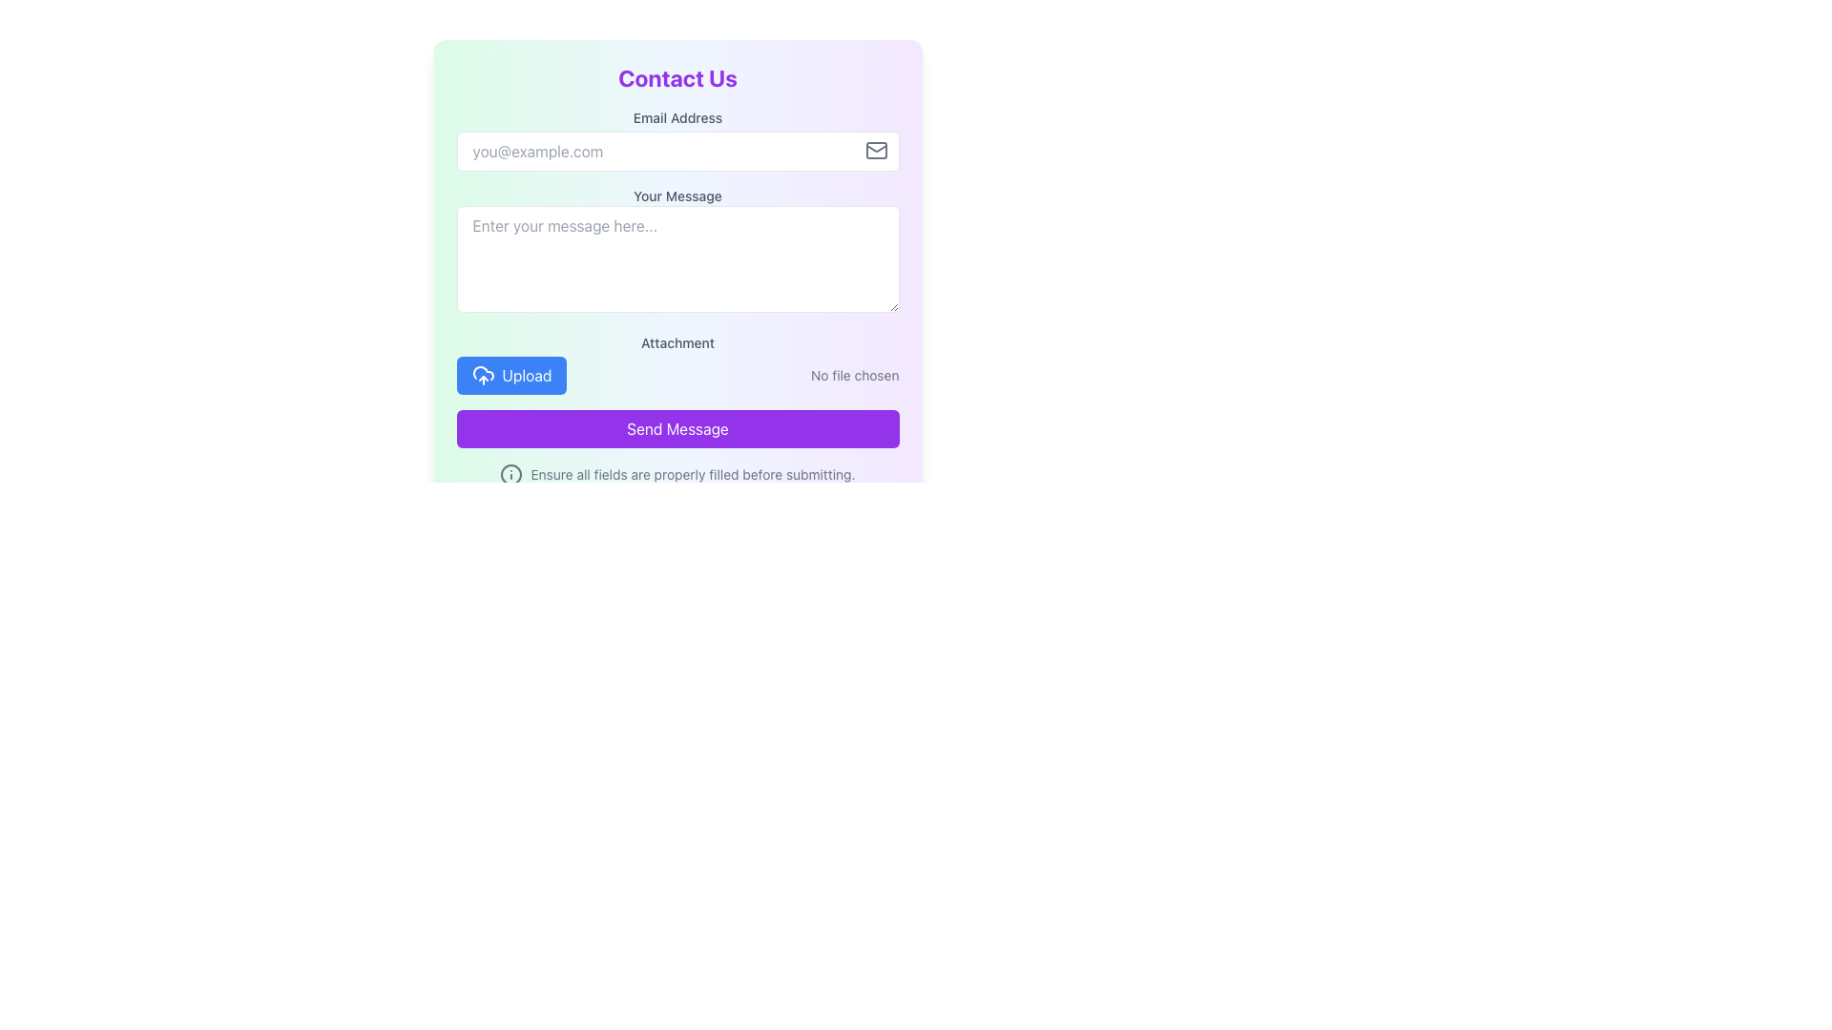 The image size is (1832, 1030). Describe the element at coordinates (677, 341) in the screenshot. I see `the label that provides a textual description for the file upload functionality, located centrally at the top edge of the file upload section, above the 'Upload' button` at that location.